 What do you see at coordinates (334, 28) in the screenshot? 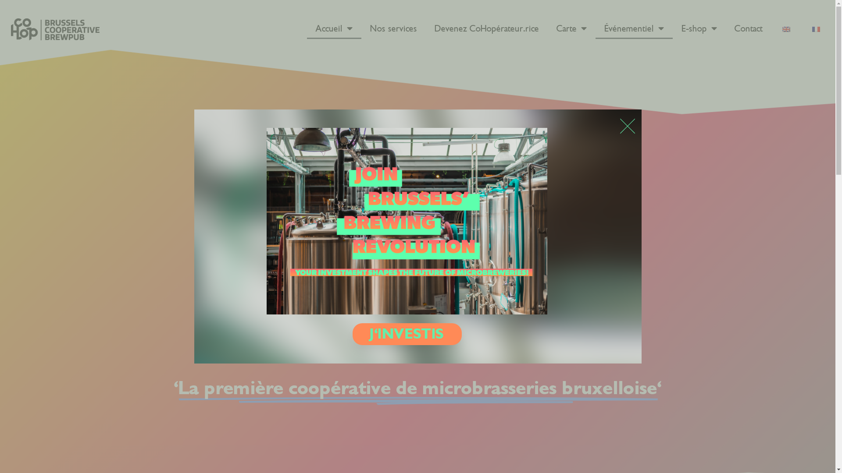
I see `'Accueil'` at bounding box center [334, 28].